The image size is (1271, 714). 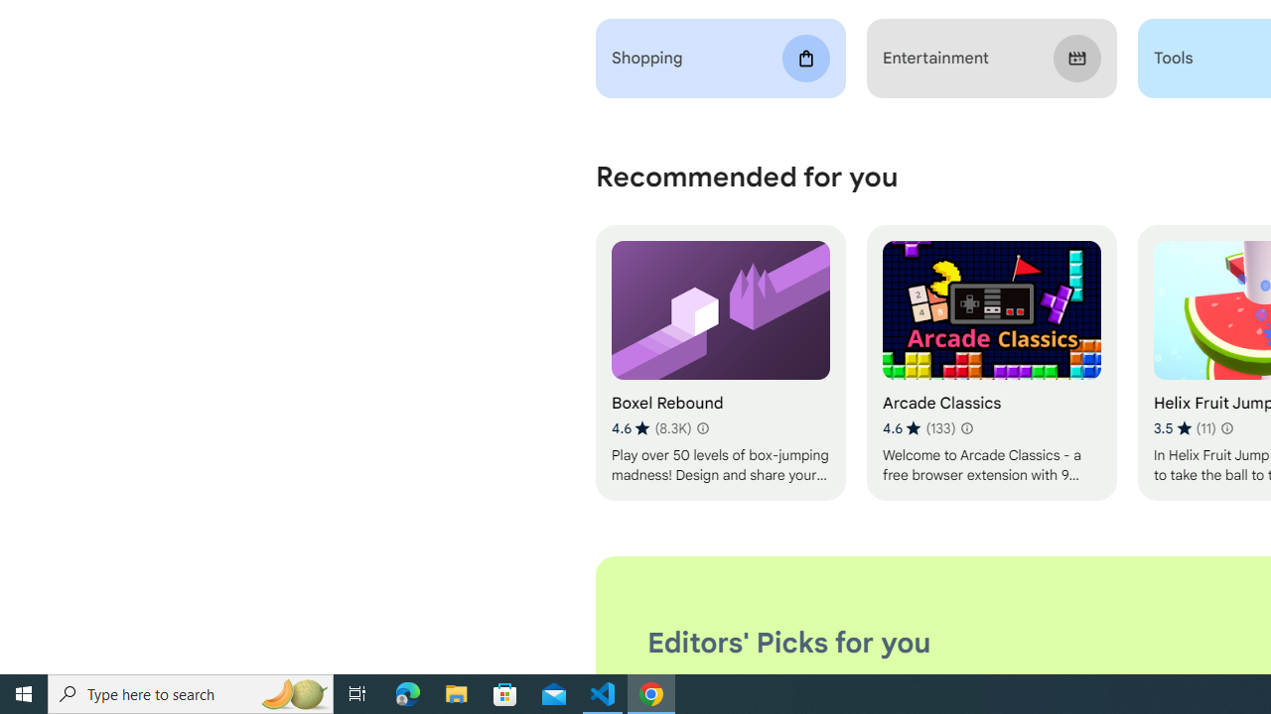 I want to click on 'Microsoft Store', so click(x=505, y=692).